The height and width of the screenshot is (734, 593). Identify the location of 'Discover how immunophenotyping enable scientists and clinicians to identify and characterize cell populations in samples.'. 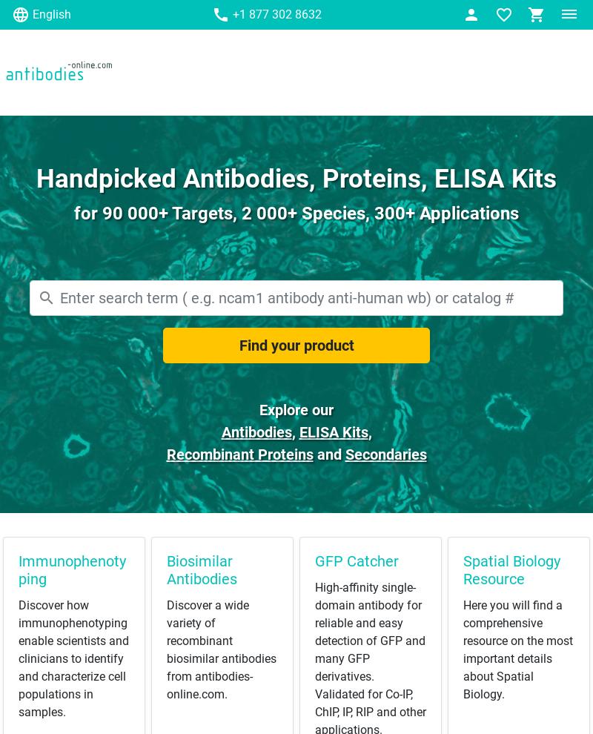
(73, 658).